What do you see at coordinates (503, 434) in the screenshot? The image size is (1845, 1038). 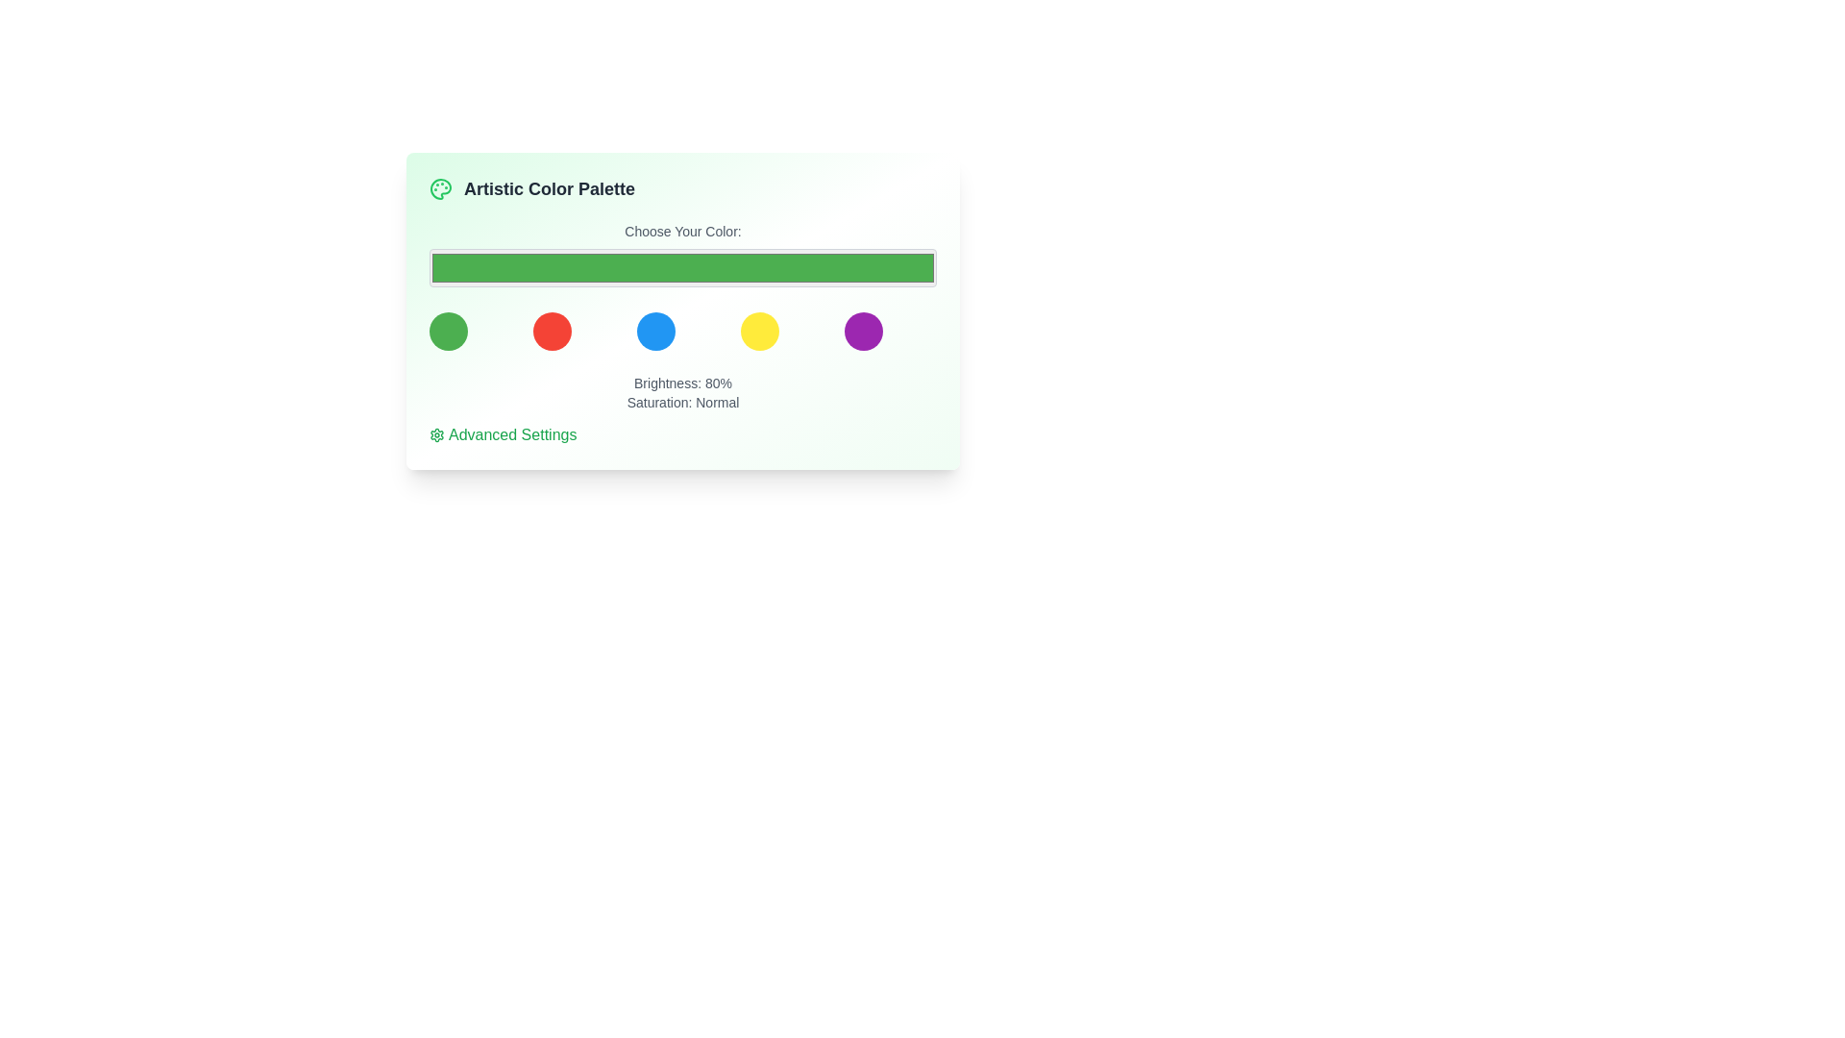 I see `the 'Advanced Settings' link with green text and gear icon located at the bottom-left corner of the 'Artistic Color Palette' box, following 'Brightness: 80%' and 'Saturation: Normal'` at bounding box center [503, 434].